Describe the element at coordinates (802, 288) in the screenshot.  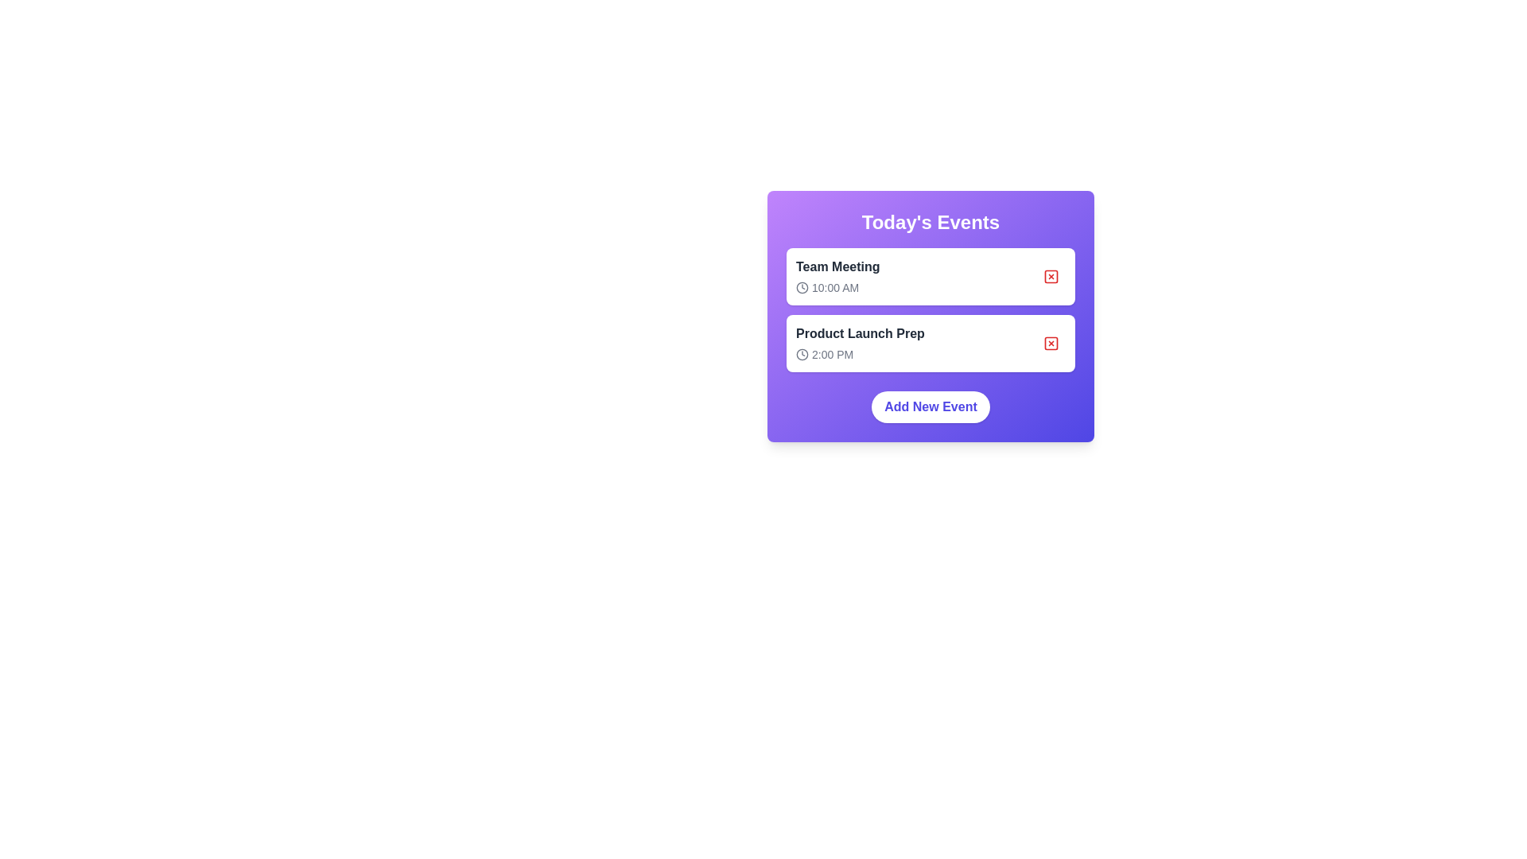
I see `the decorative clock icon positioned to the left of the text '10:00 AM' in the scheduled events list` at that location.